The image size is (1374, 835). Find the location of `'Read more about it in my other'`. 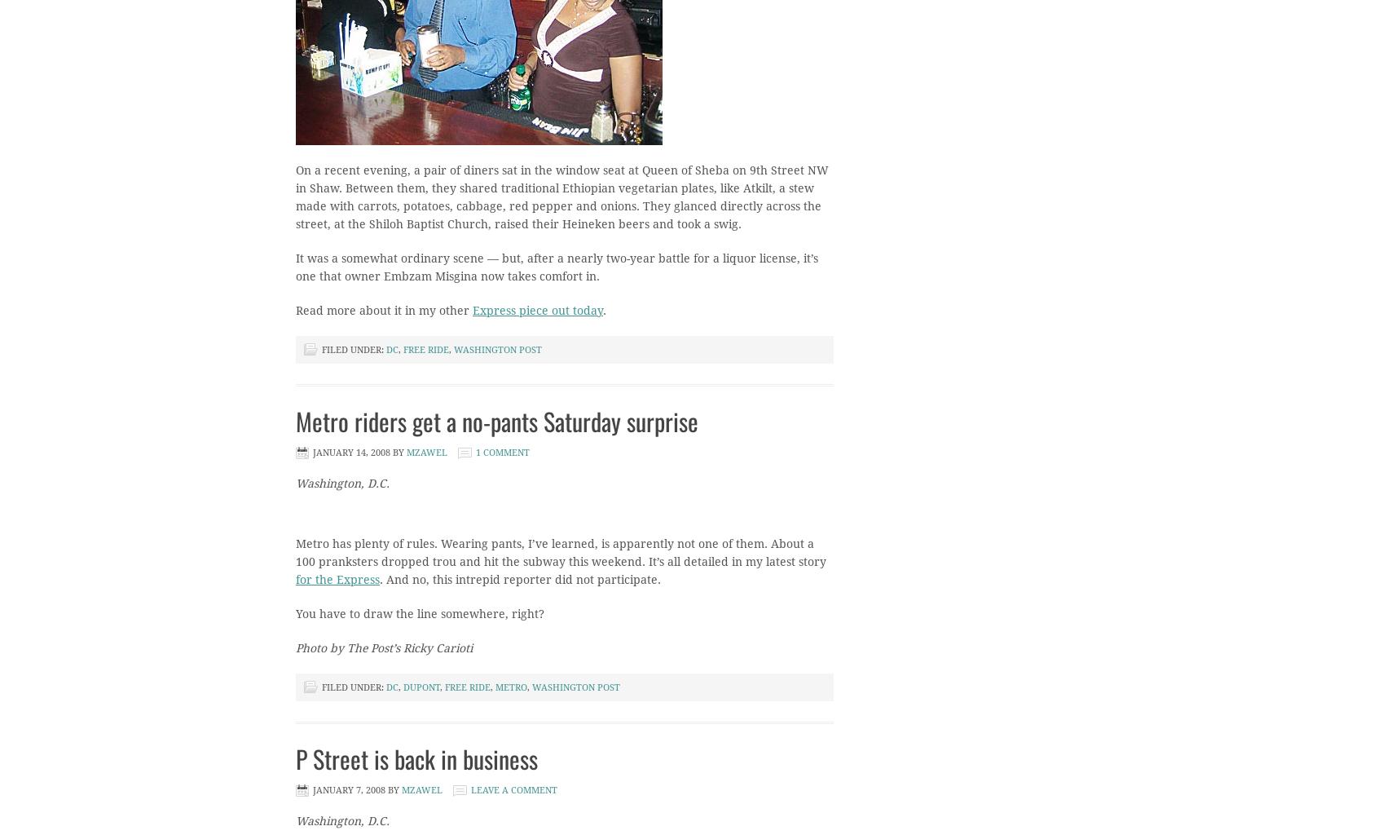

'Read more about it in my other' is located at coordinates (384, 311).